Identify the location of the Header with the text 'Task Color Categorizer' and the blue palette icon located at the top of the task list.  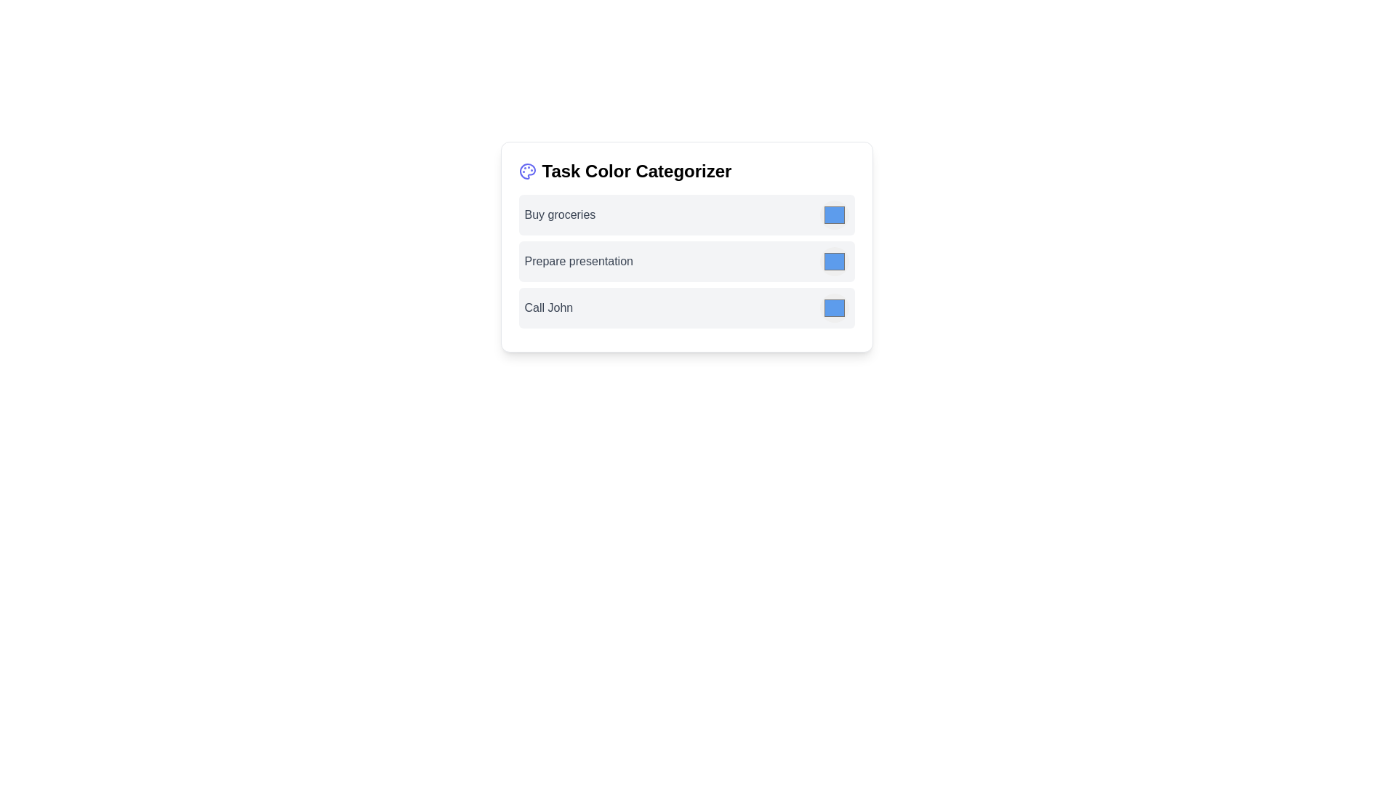
(686, 170).